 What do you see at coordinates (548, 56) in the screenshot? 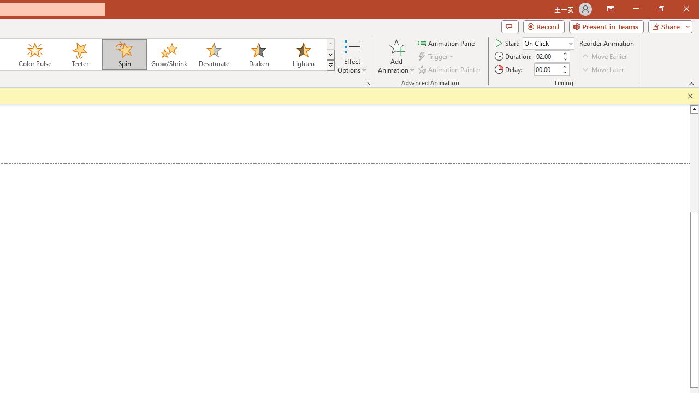
I see `'Animation Duration'` at bounding box center [548, 56].